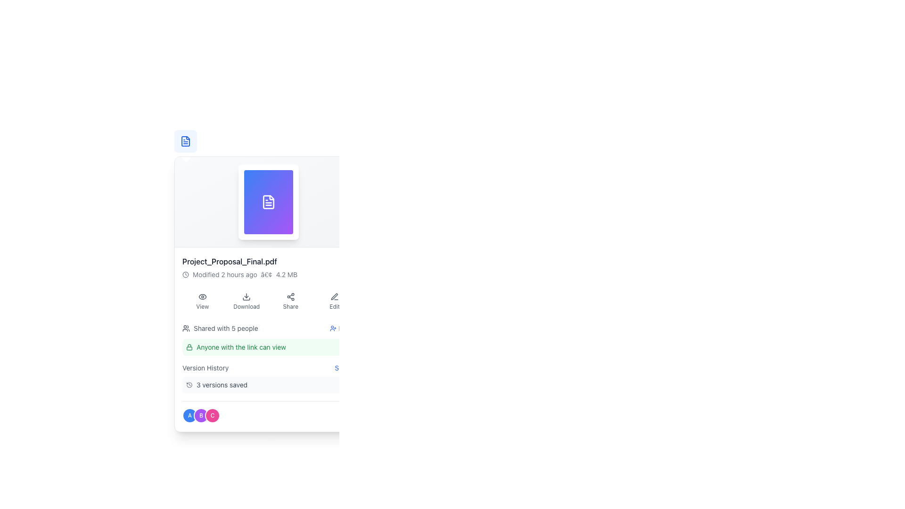 The image size is (905, 509). I want to click on the 'Share' text label, which is styled in a small gray font and located below an icon of interconnected nodes in the button group, so click(290, 307).